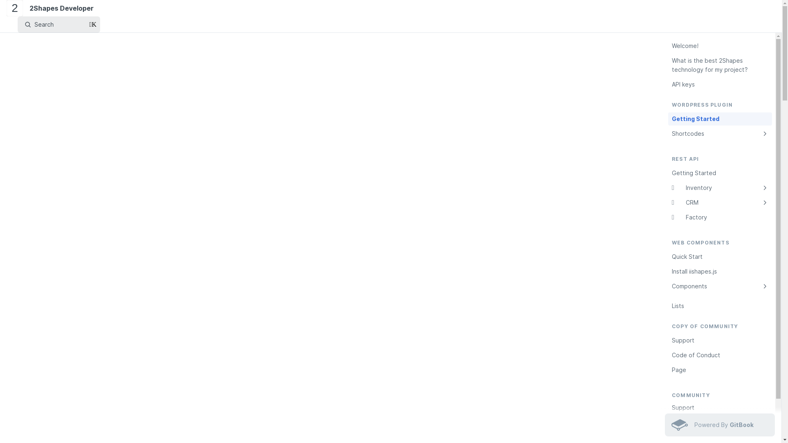 The image size is (788, 443). What do you see at coordinates (719, 370) in the screenshot?
I see `'Page'` at bounding box center [719, 370].